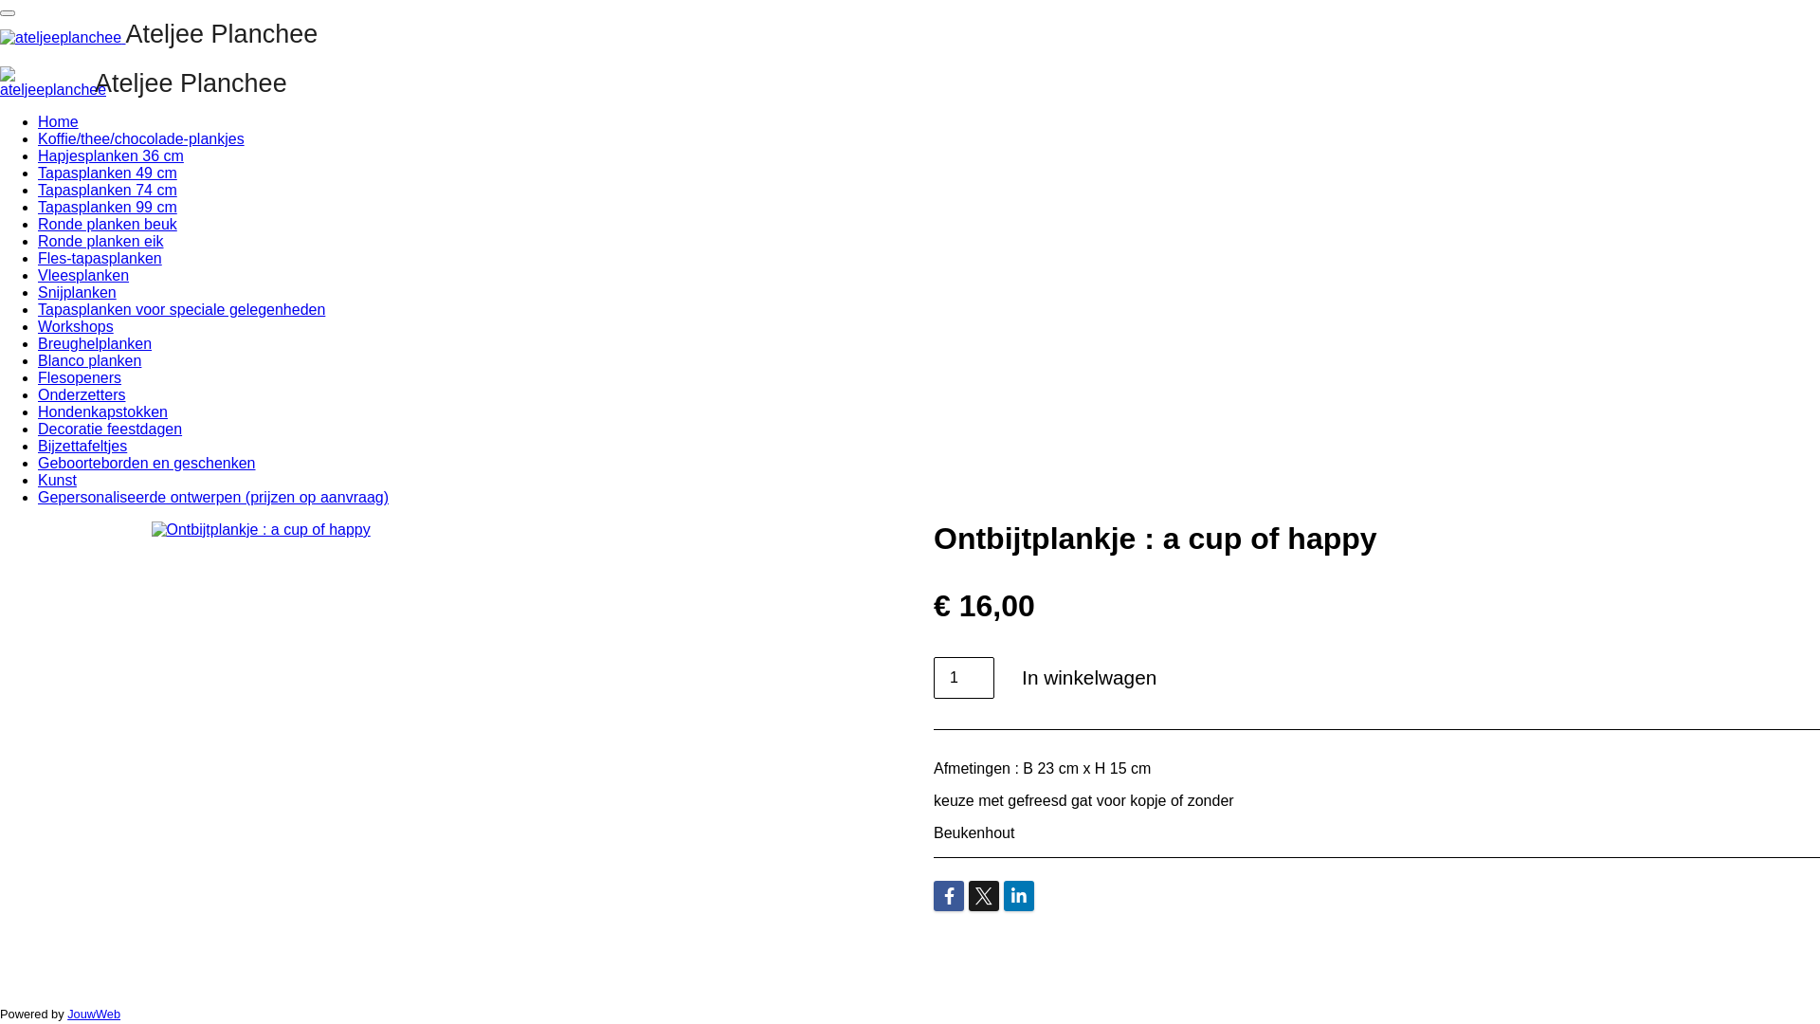 Image resolution: width=1820 pixels, height=1024 pixels. I want to click on 'Home', so click(58, 121).